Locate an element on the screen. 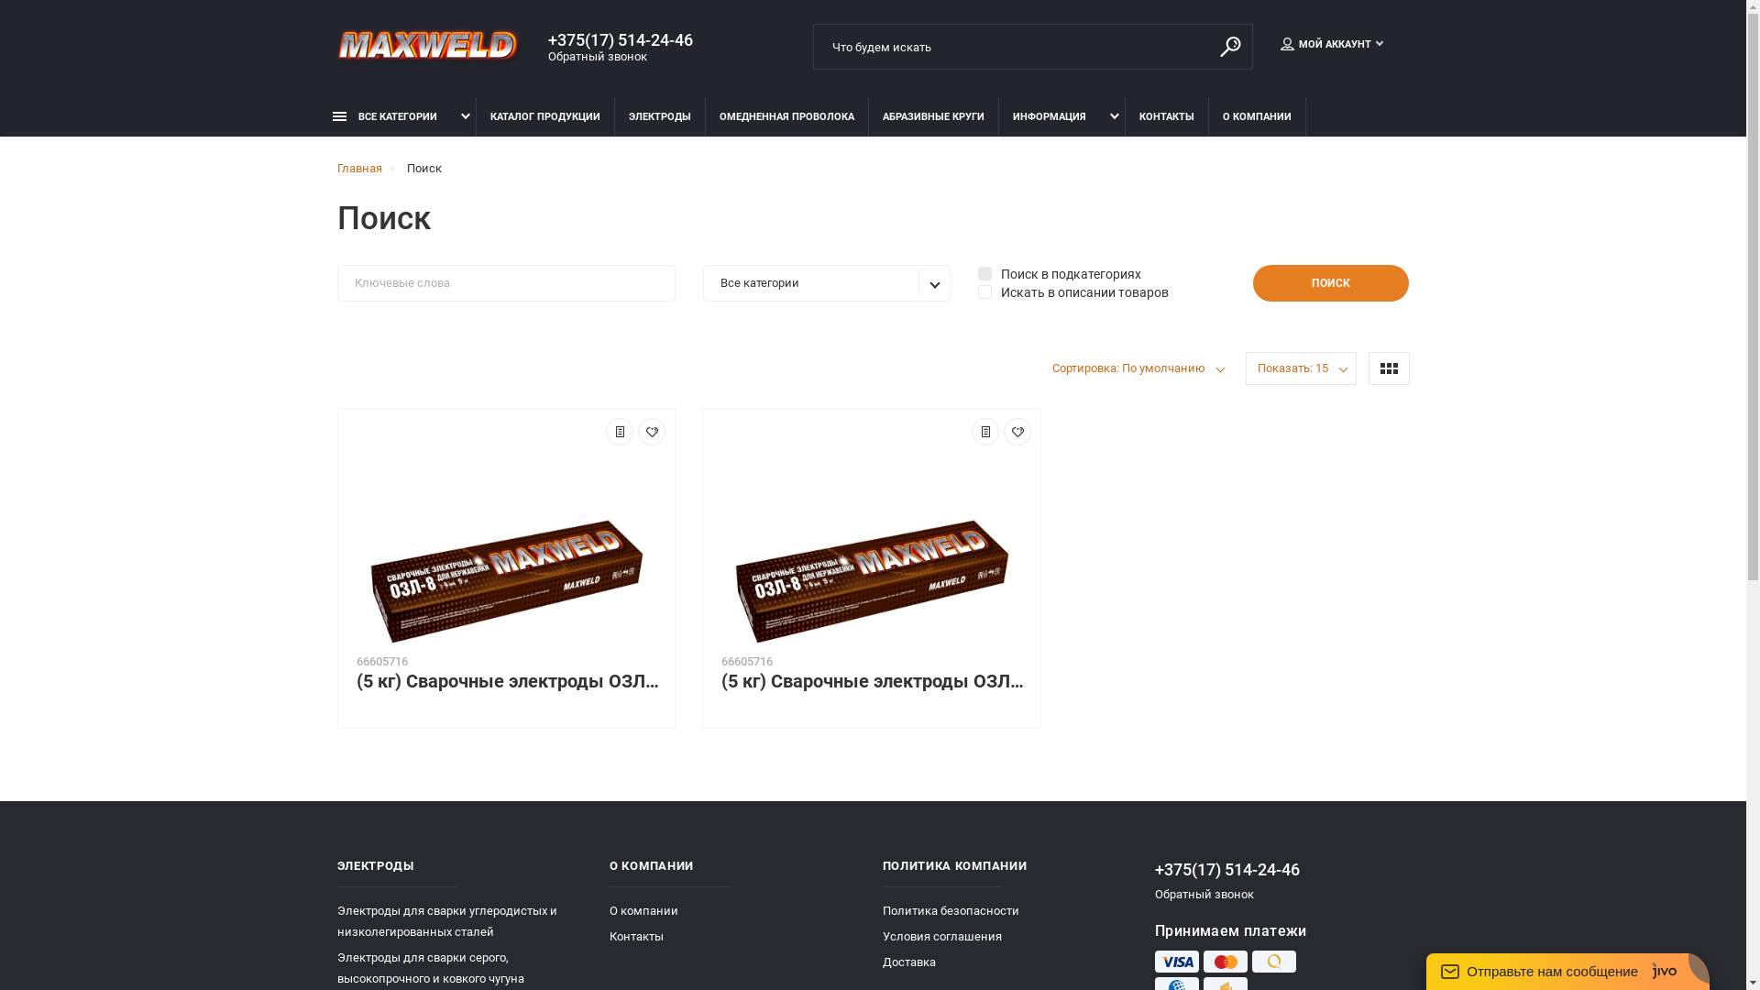  '+375(17) 514-24-46' is located at coordinates (1281, 868).